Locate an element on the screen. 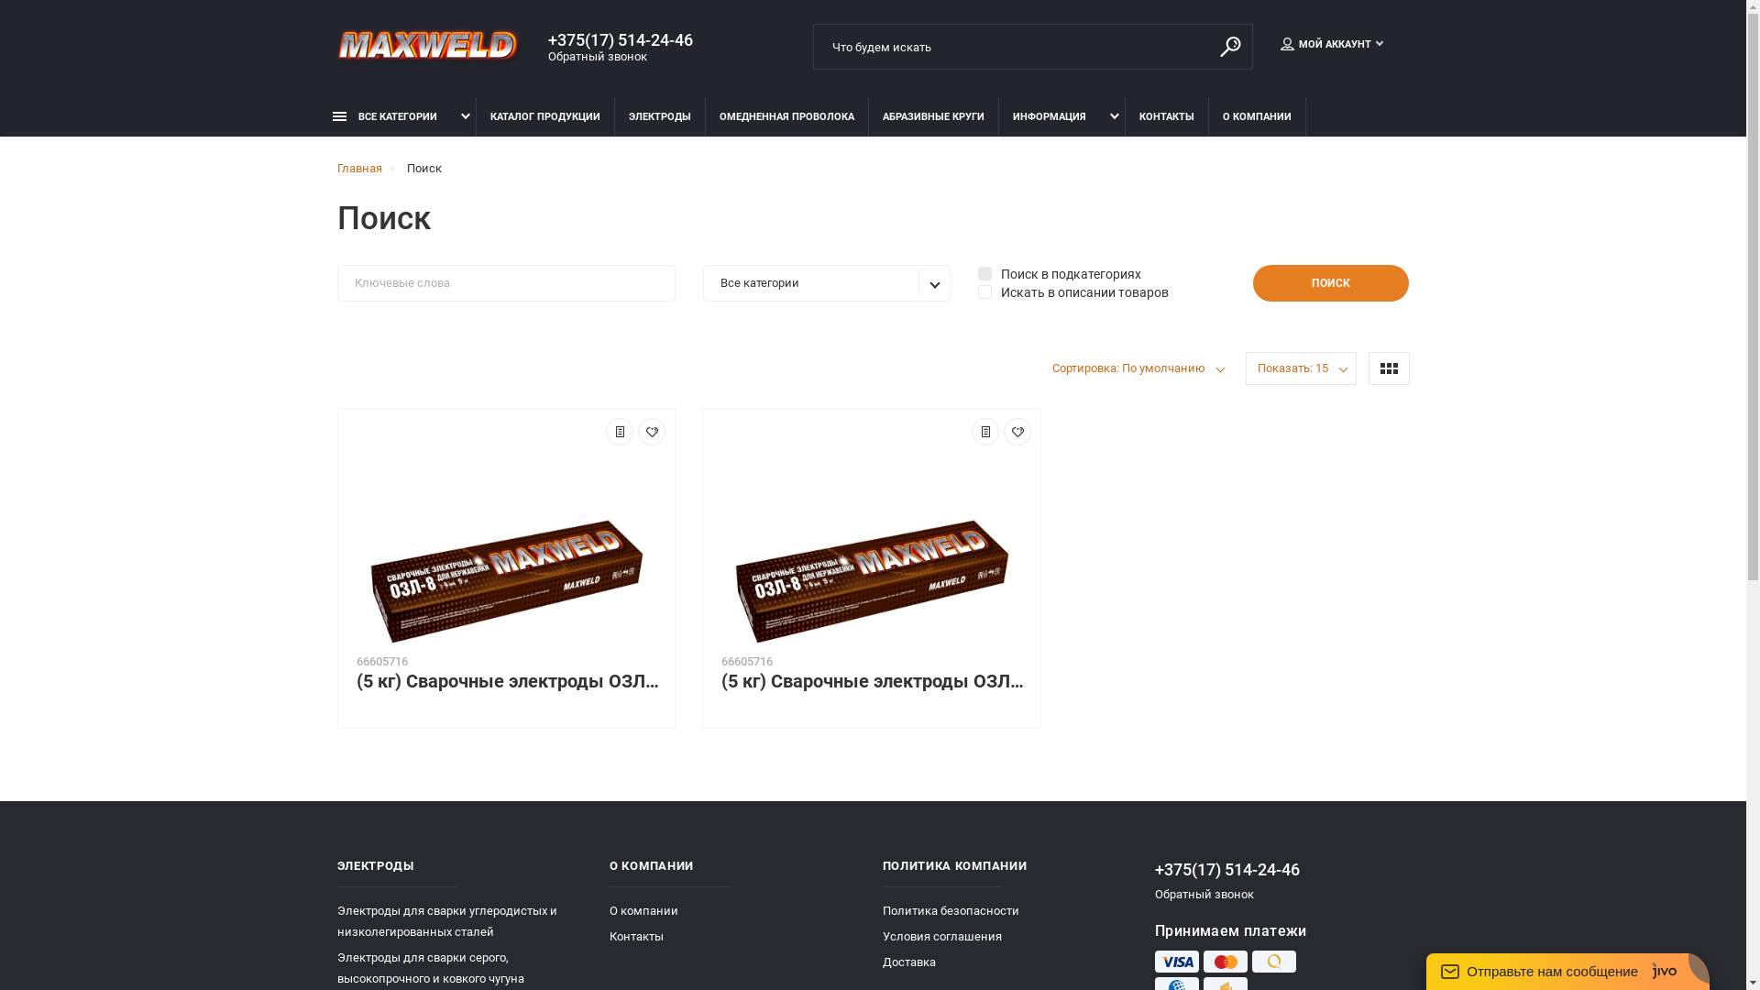  '+375(17) 514-24-46' is located at coordinates (1281, 868).